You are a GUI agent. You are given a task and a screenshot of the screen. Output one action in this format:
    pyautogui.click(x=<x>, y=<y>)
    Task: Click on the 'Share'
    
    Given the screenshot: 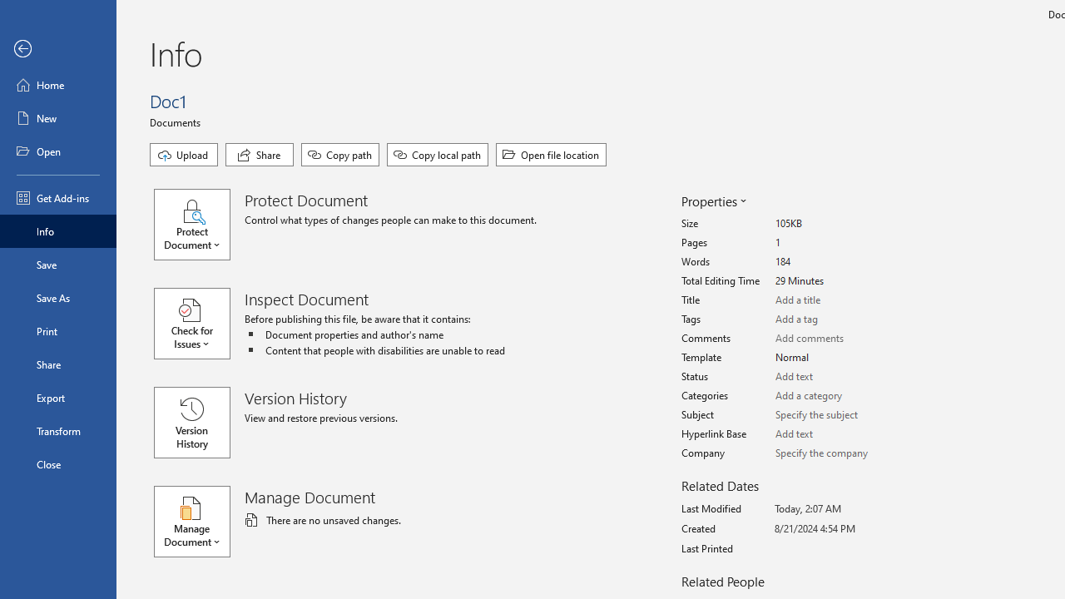 What is the action you would take?
    pyautogui.click(x=259, y=155)
    